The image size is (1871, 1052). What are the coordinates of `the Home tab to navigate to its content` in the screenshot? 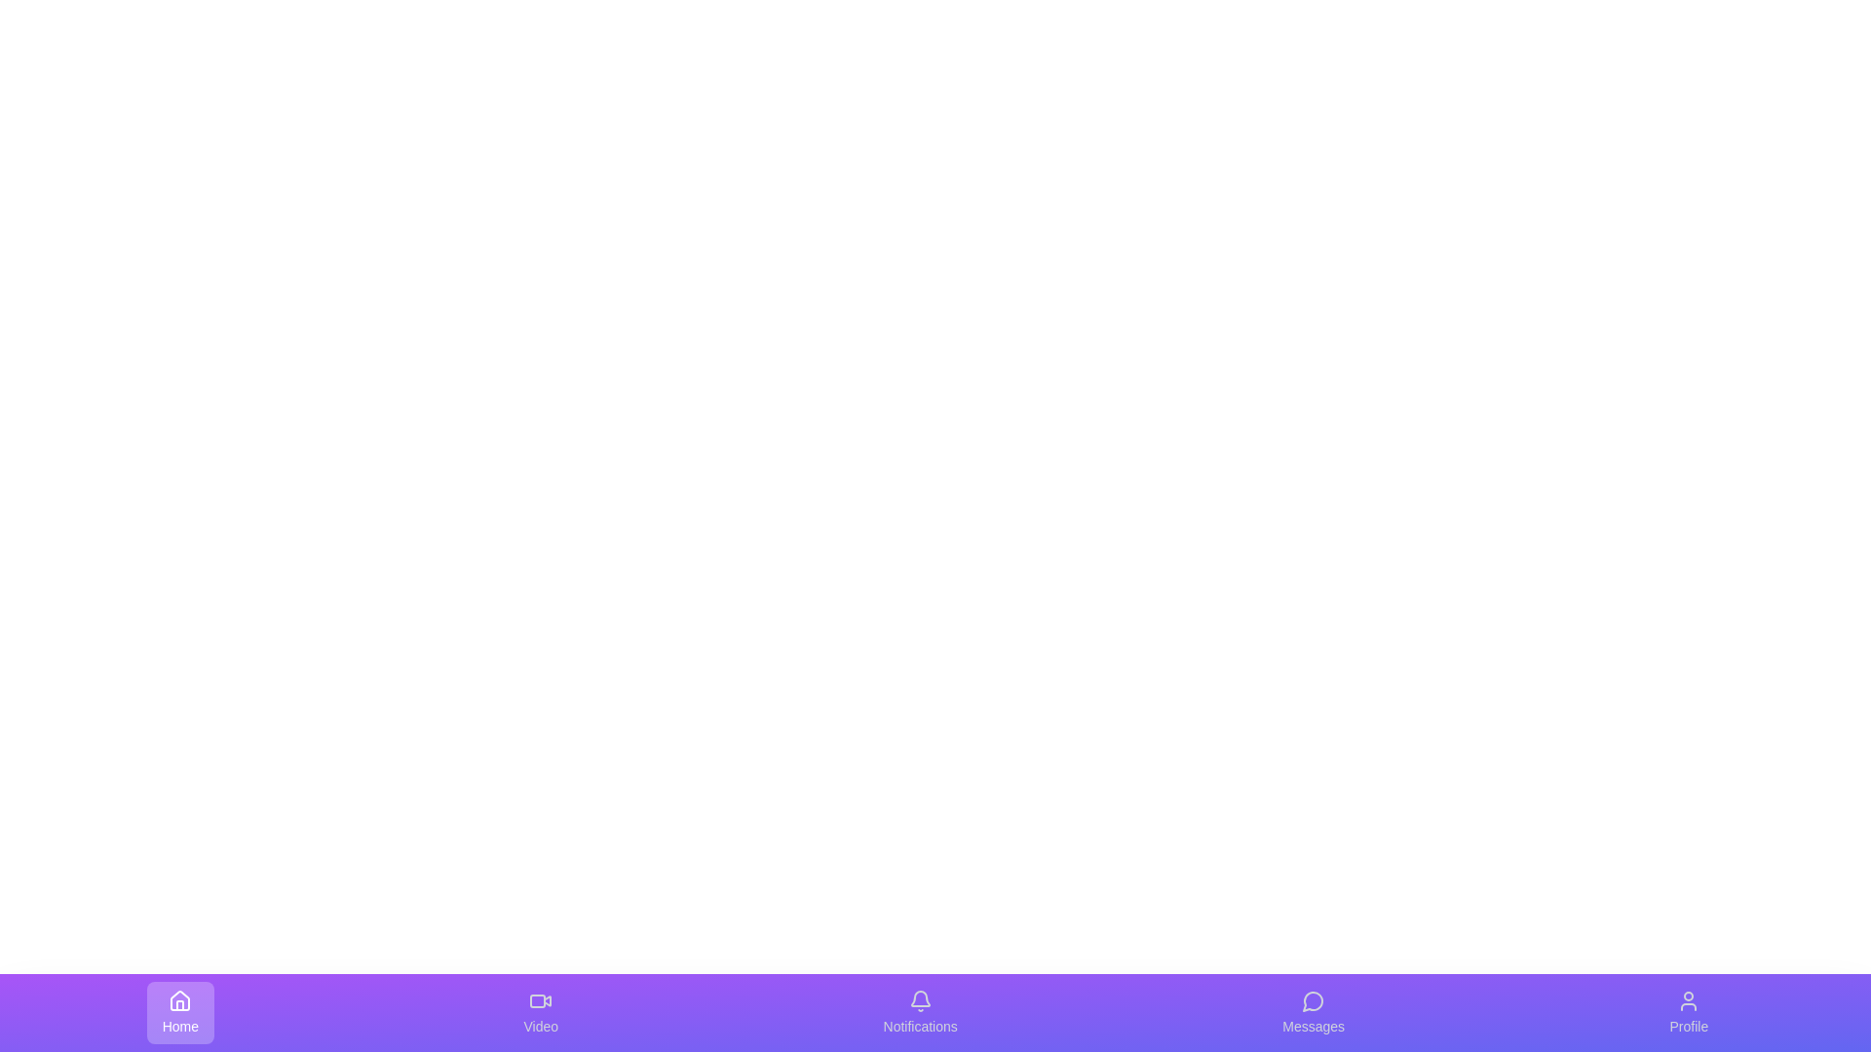 It's located at (180, 1012).